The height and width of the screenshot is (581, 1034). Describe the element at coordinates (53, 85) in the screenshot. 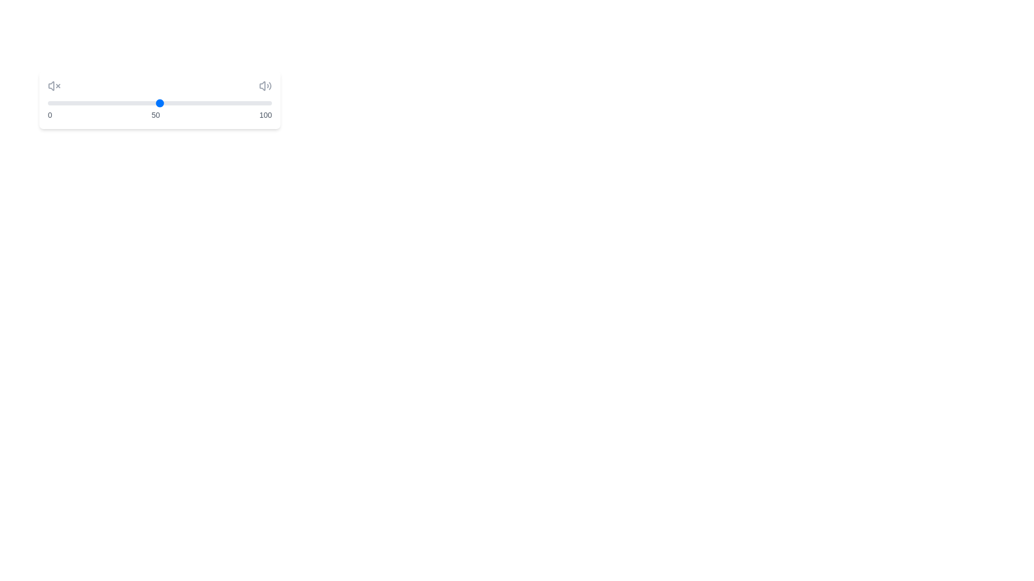

I see `the volume icon on the left` at that location.